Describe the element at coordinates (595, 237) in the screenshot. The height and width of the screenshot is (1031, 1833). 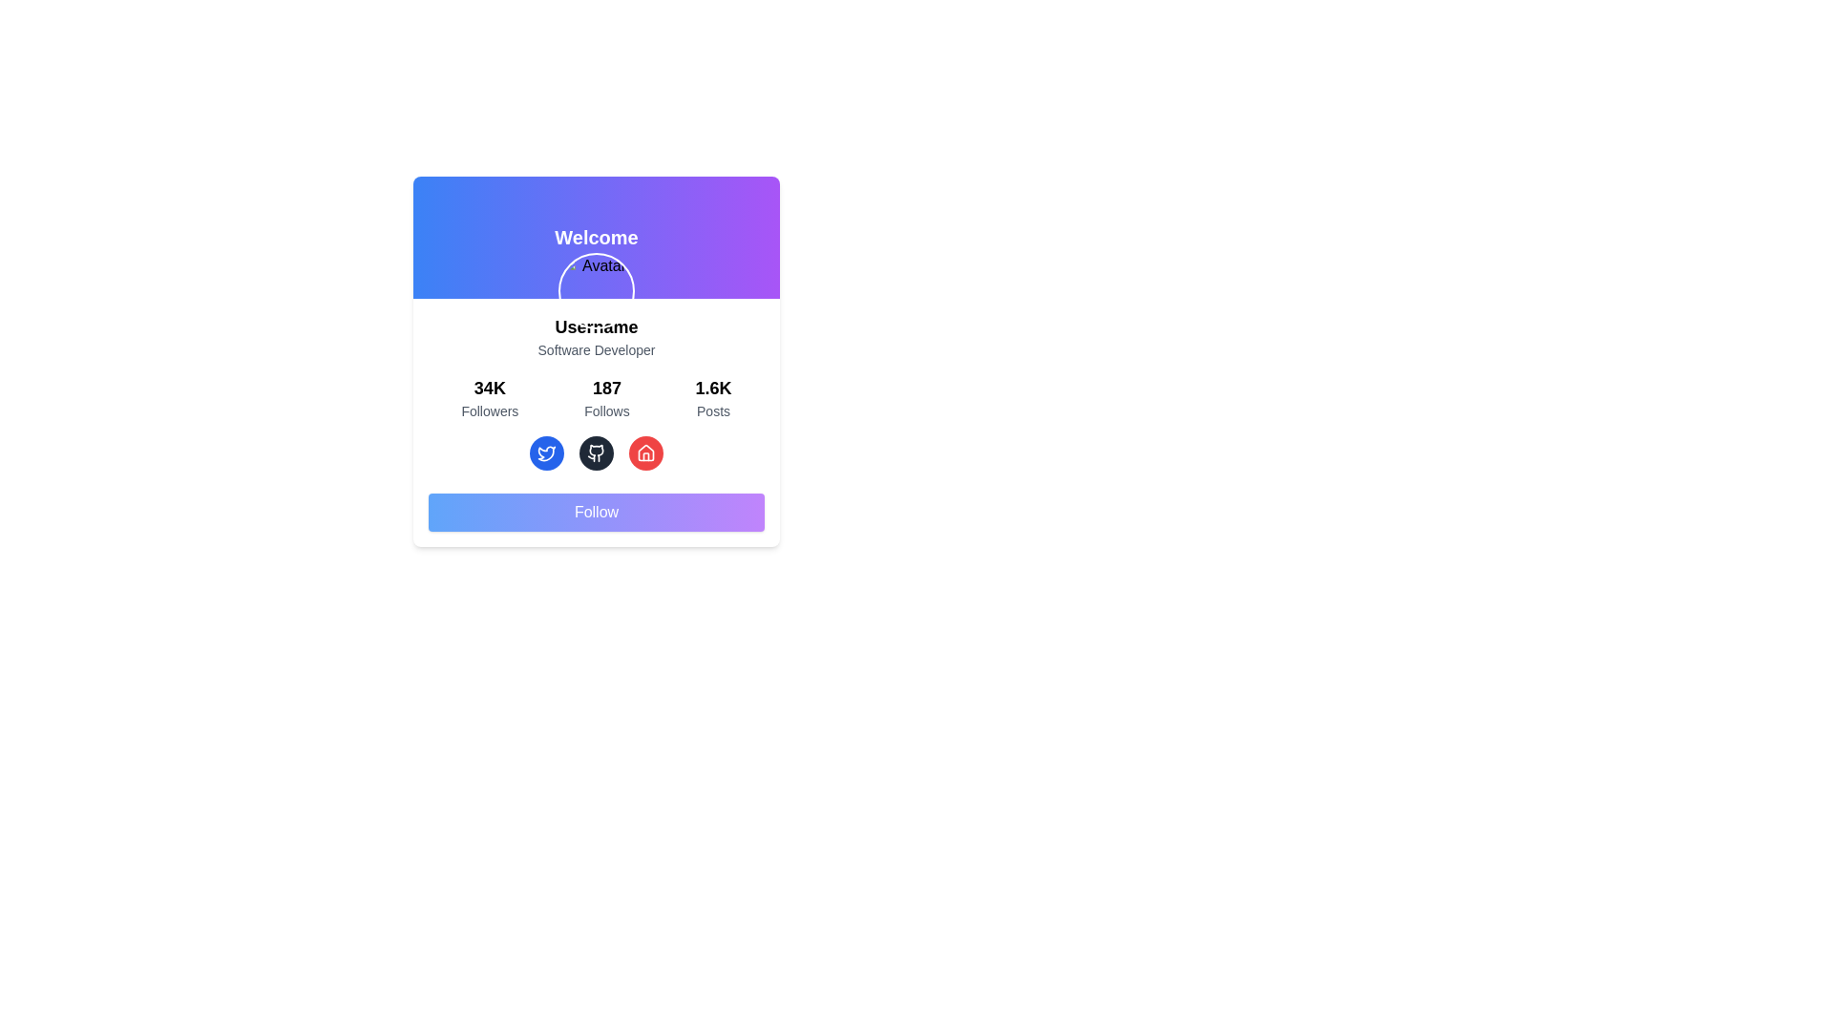
I see `welcoming header text located at the top-center of the profile card interface` at that location.